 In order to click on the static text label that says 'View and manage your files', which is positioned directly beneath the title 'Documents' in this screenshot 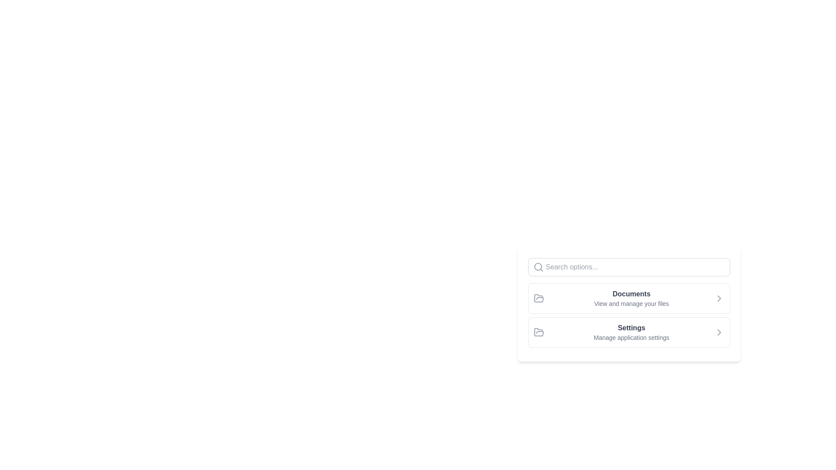, I will do `click(631, 303)`.